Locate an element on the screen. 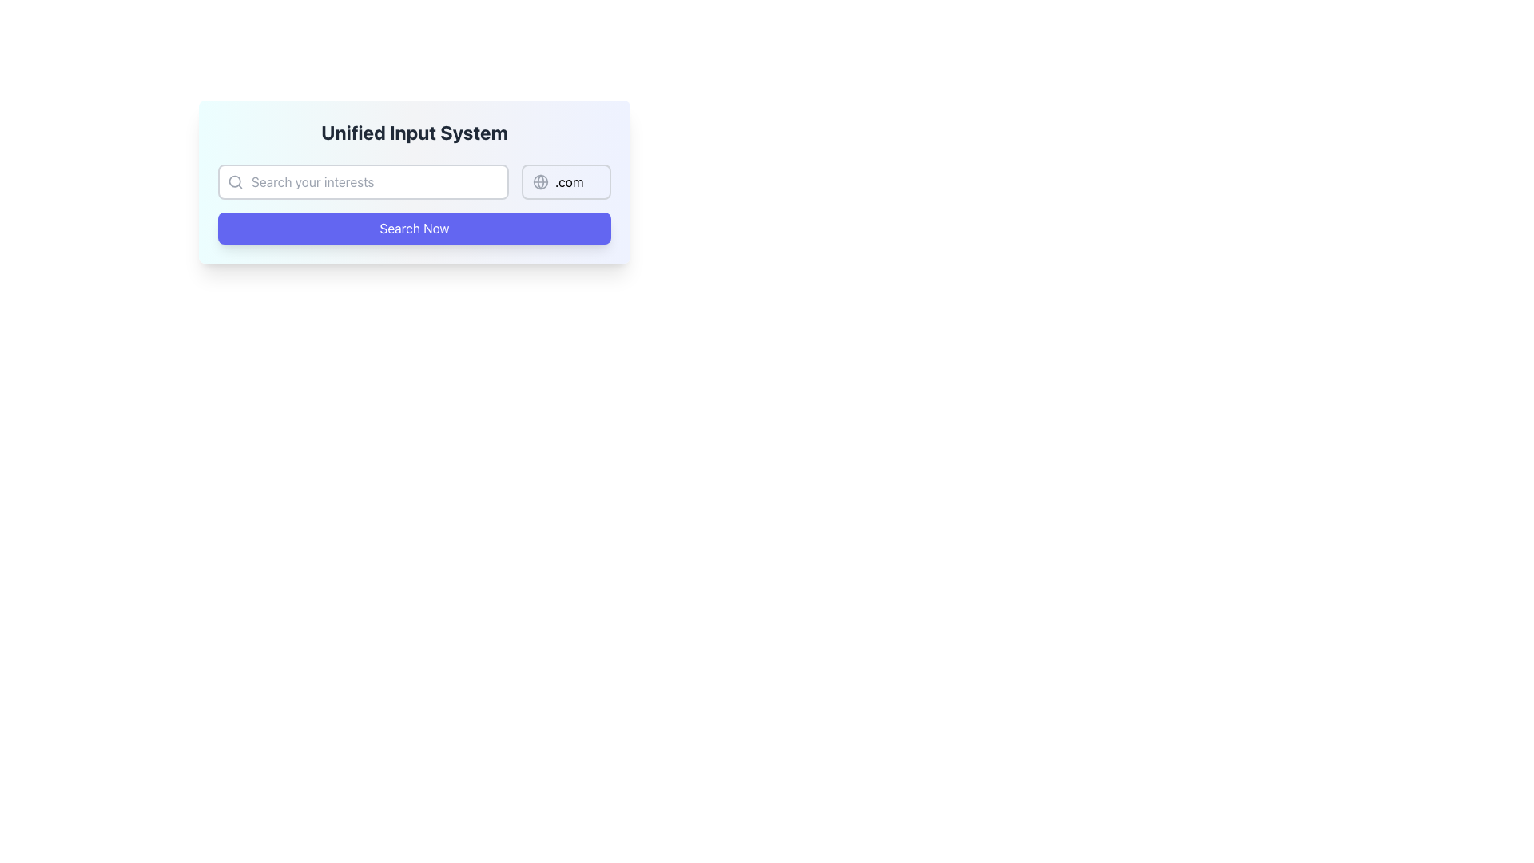  the Domain Suffix Selector element displaying the text '.com' by clicking on it is located at coordinates (566, 181).